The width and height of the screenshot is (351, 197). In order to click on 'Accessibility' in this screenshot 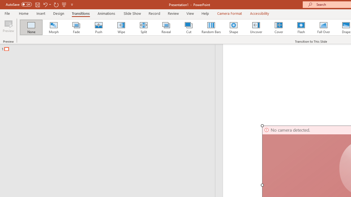, I will do `click(259, 13)`.